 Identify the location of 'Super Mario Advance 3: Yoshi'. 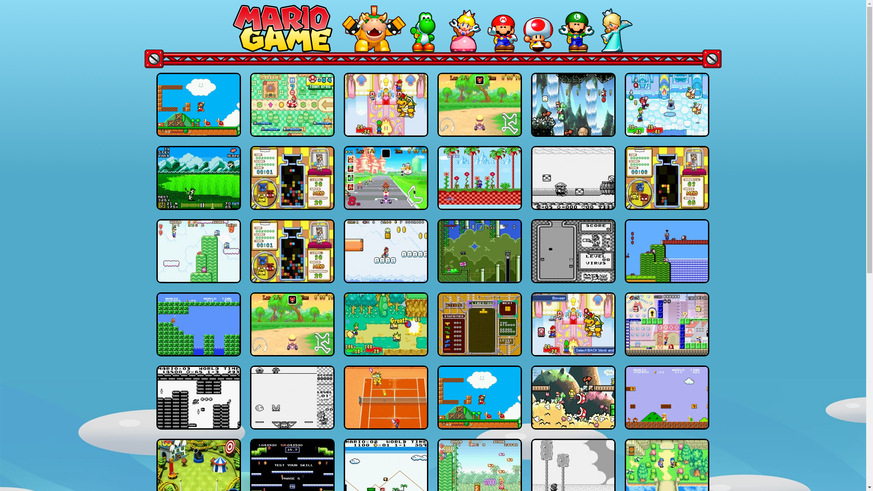
(573, 396).